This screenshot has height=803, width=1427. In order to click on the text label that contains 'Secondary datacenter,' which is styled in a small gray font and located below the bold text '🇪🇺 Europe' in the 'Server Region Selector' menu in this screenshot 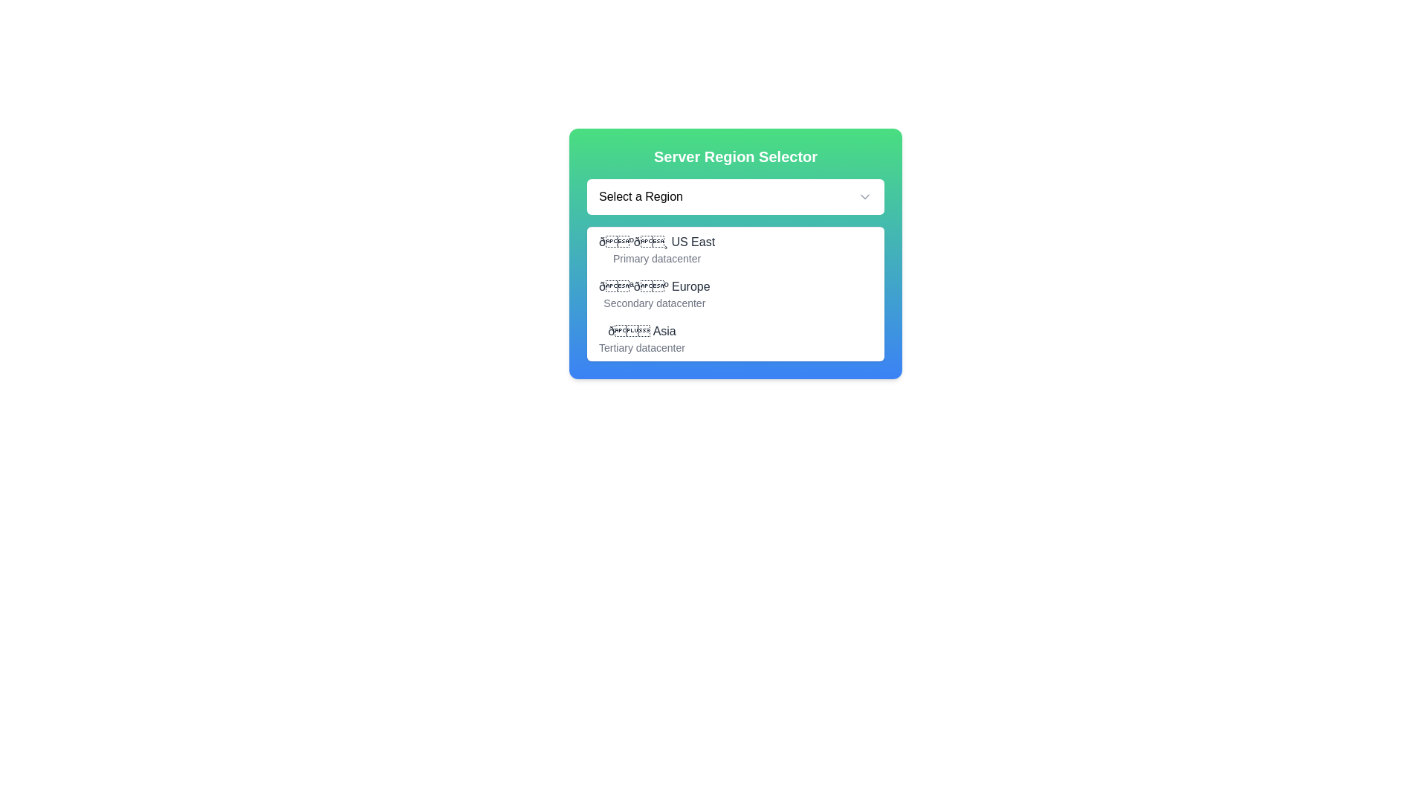, I will do `click(654, 303)`.